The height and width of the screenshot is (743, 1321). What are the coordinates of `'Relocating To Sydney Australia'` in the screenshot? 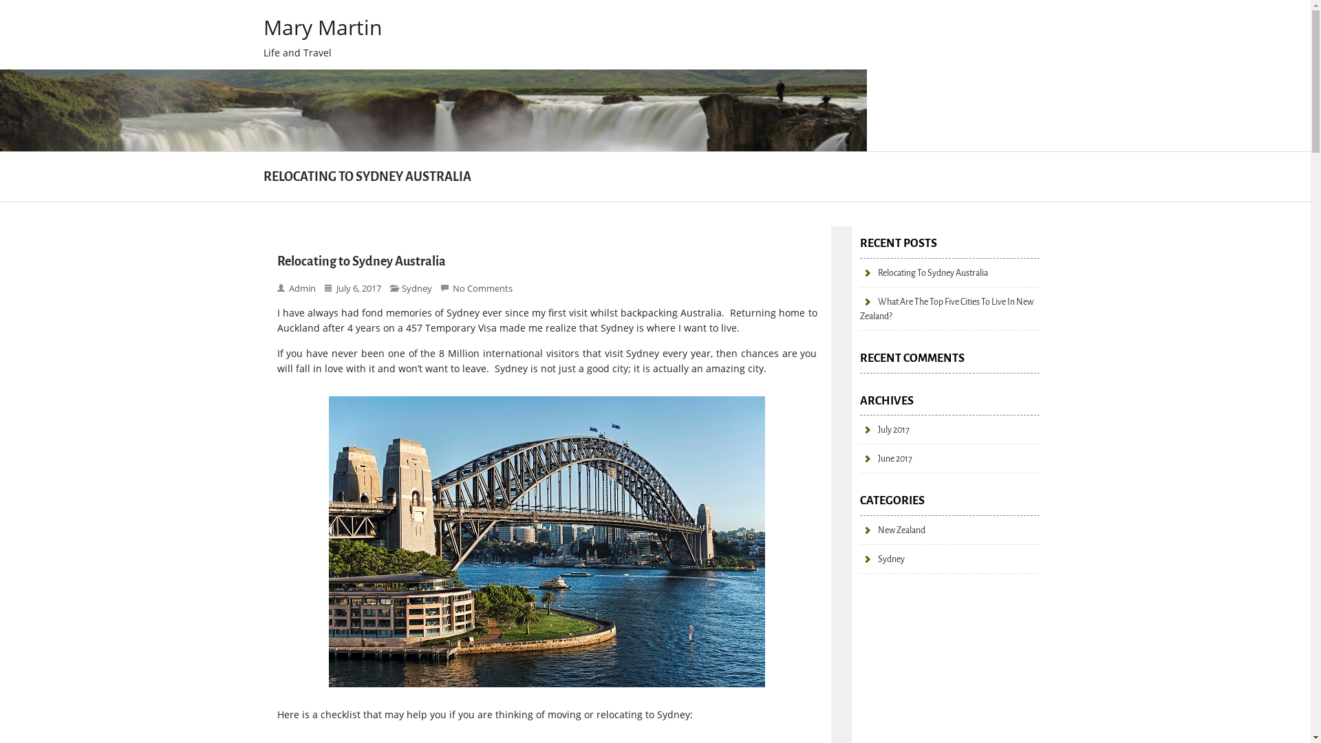 It's located at (924, 272).